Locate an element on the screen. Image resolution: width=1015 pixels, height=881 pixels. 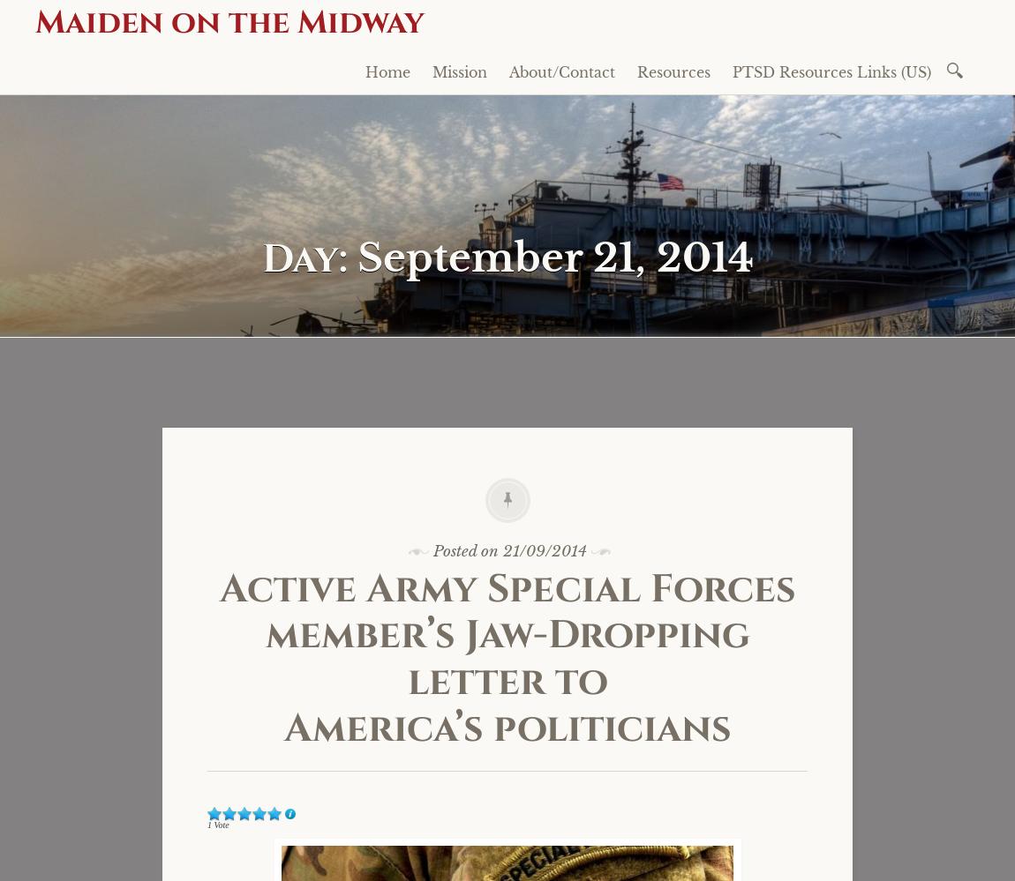
'September 21, 2014' is located at coordinates (553, 257).